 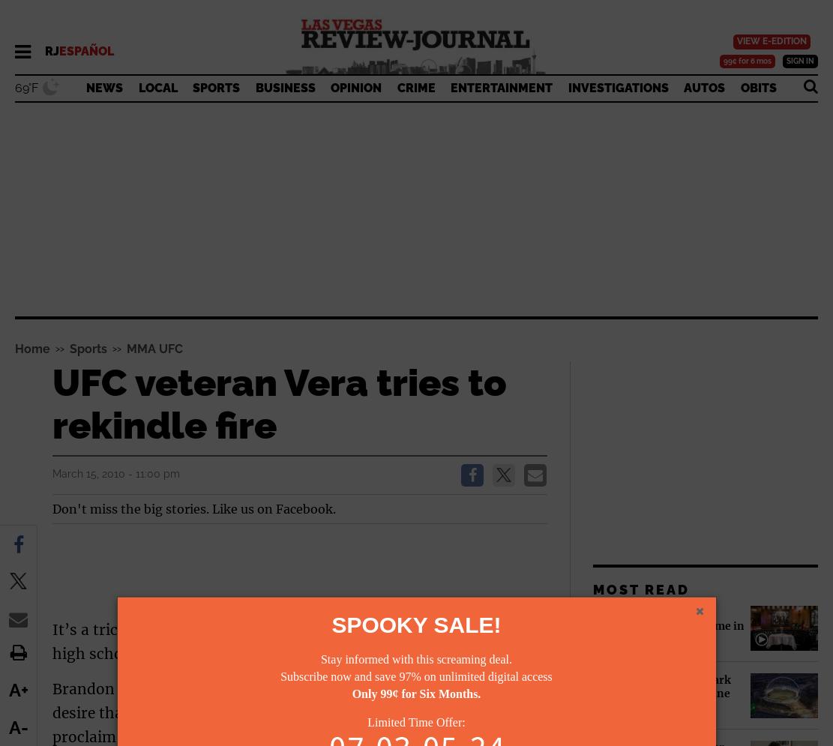 I want to click on 'Brandon Vera has employed it in an effort to recapture some of the desire that made much of the mixed martial arts community proclaim him a prodigy when he first burst on the scene.', so click(x=290, y=712).